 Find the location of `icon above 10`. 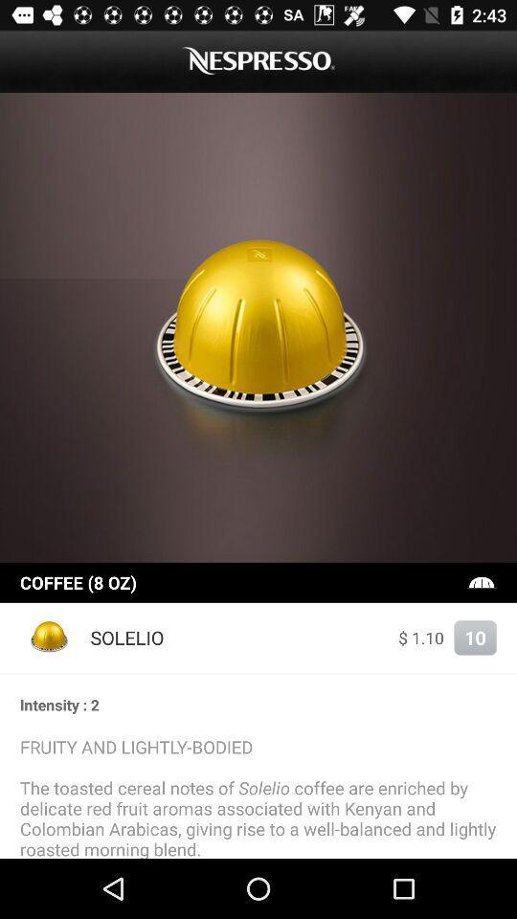

icon above 10 is located at coordinates (481, 581).